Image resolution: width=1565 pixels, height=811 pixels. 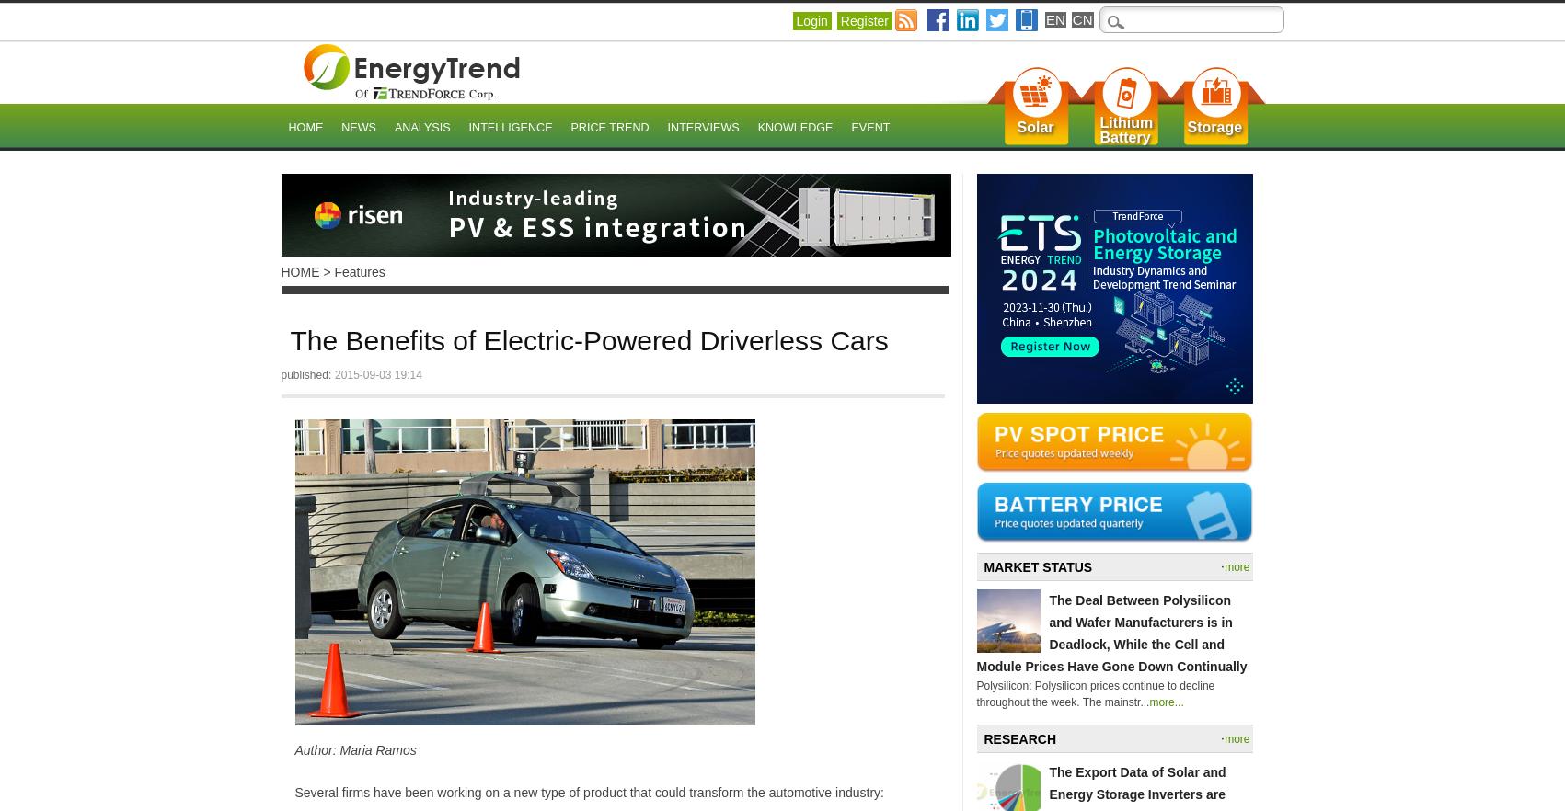 What do you see at coordinates (702, 128) in the screenshot?
I see `'Interviews'` at bounding box center [702, 128].